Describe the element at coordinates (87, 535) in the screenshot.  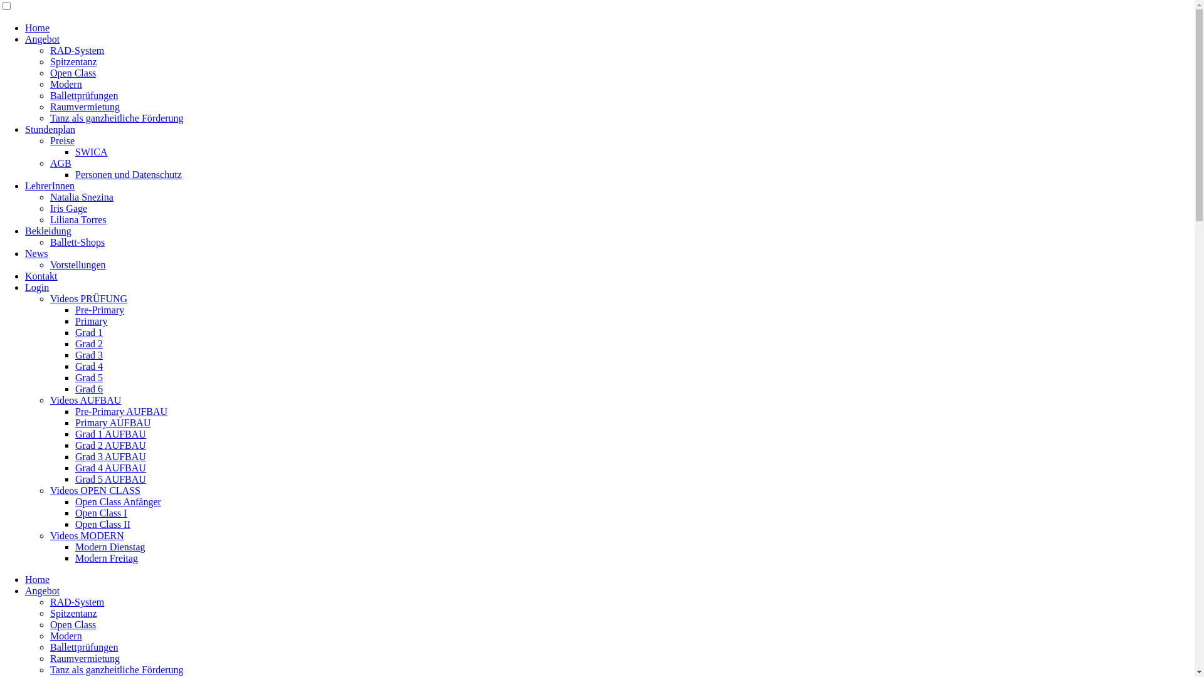
I see `'Videos MODERN'` at that location.